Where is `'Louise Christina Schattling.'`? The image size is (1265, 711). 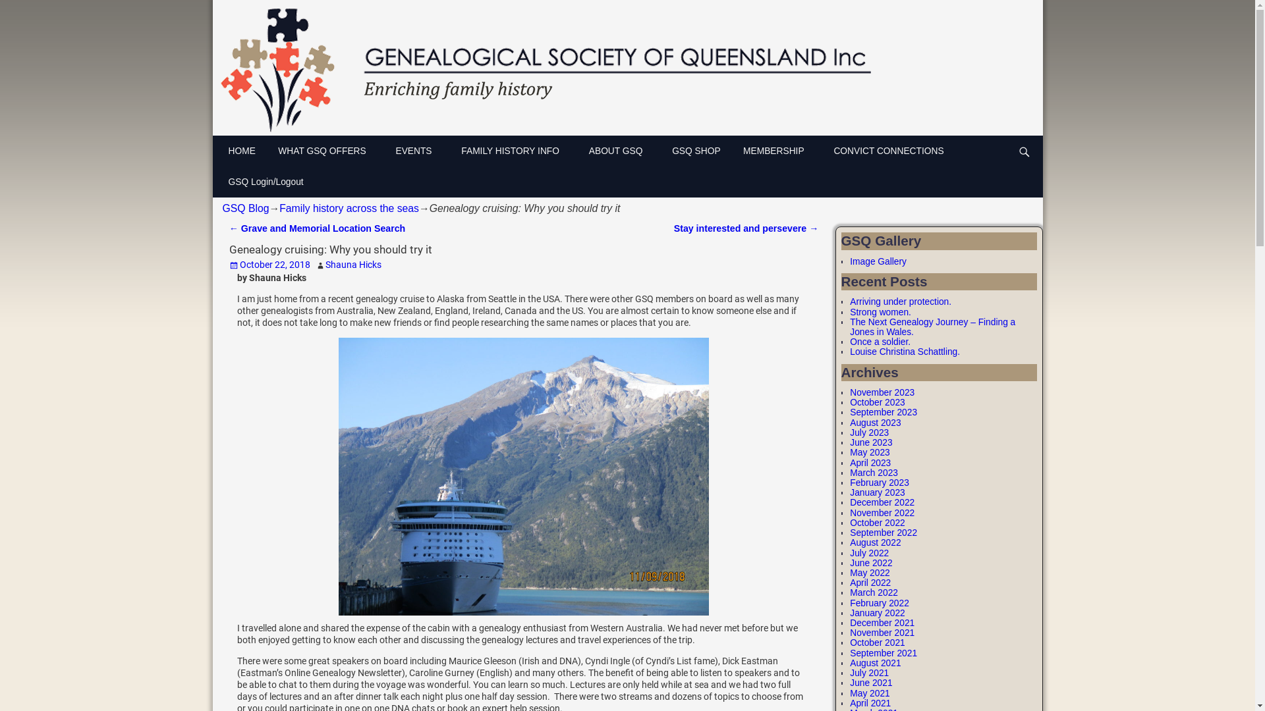 'Louise Christina Schattling.' is located at coordinates (904, 351).